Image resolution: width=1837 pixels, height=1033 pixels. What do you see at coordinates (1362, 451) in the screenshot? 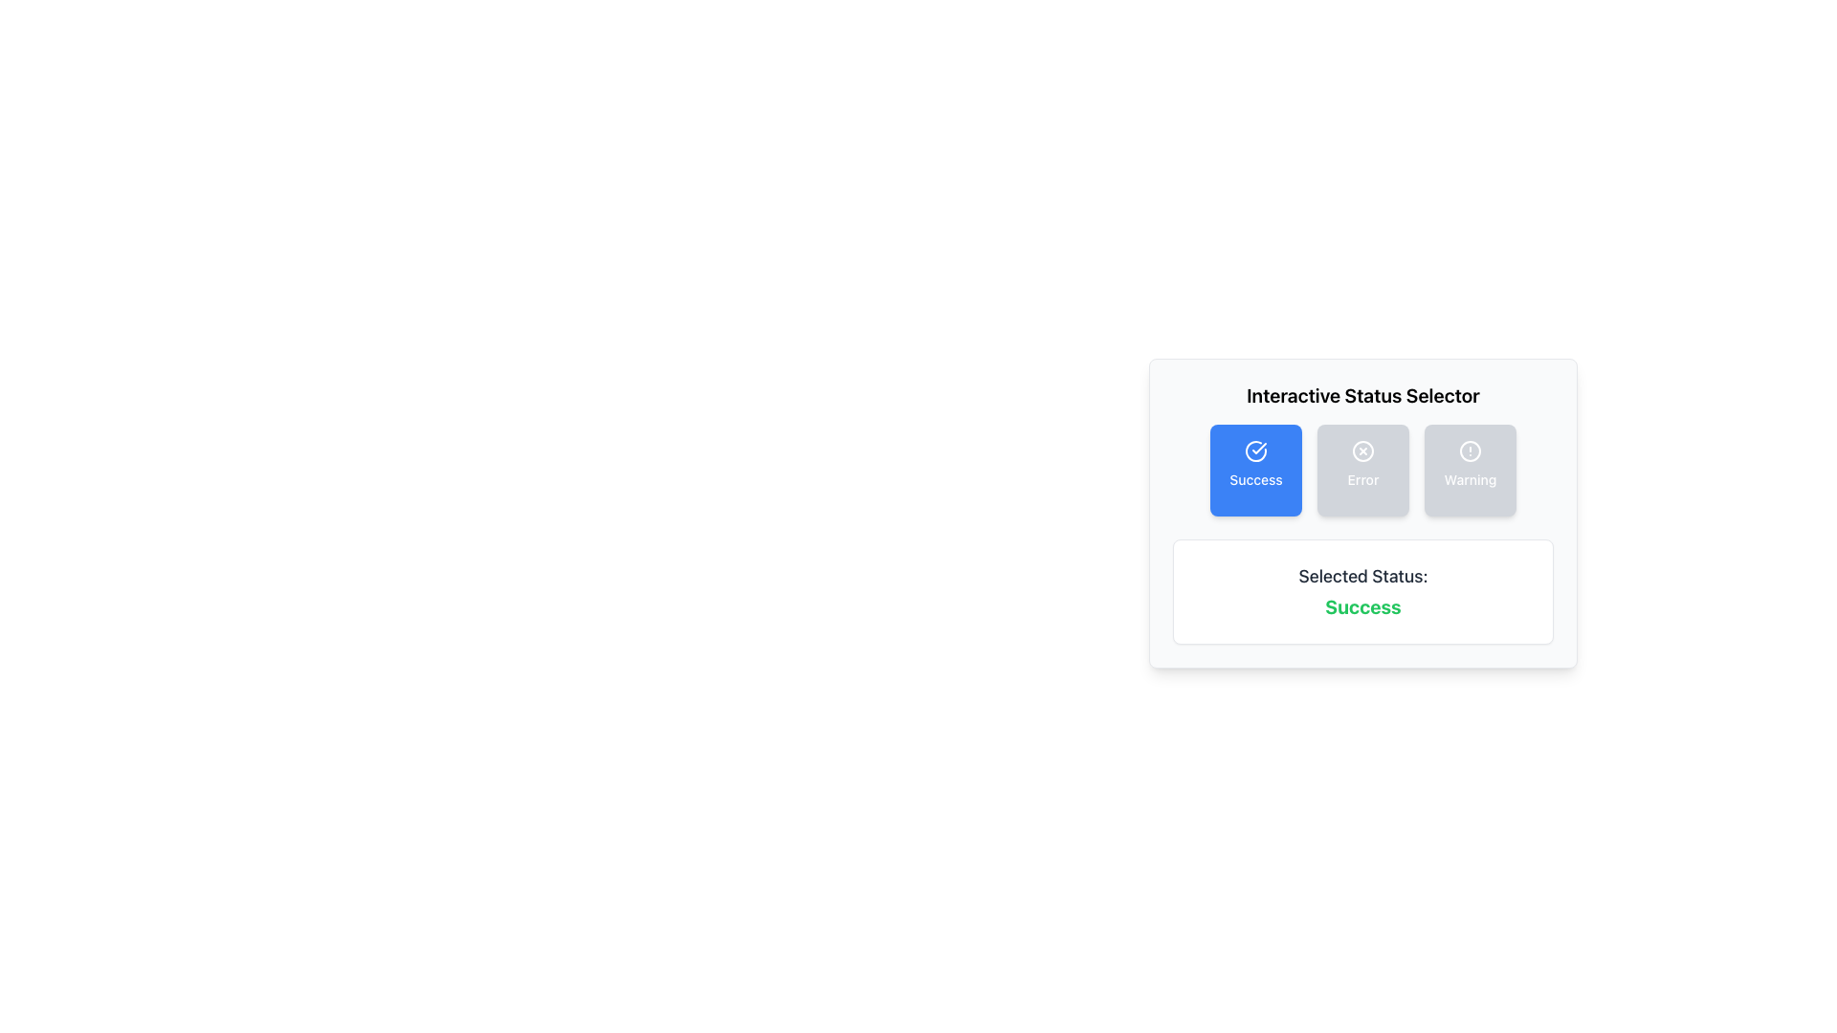
I see `the SVG circle element representing the 'Error' status option in the 'Interactive Status Selector' interface` at bounding box center [1362, 451].